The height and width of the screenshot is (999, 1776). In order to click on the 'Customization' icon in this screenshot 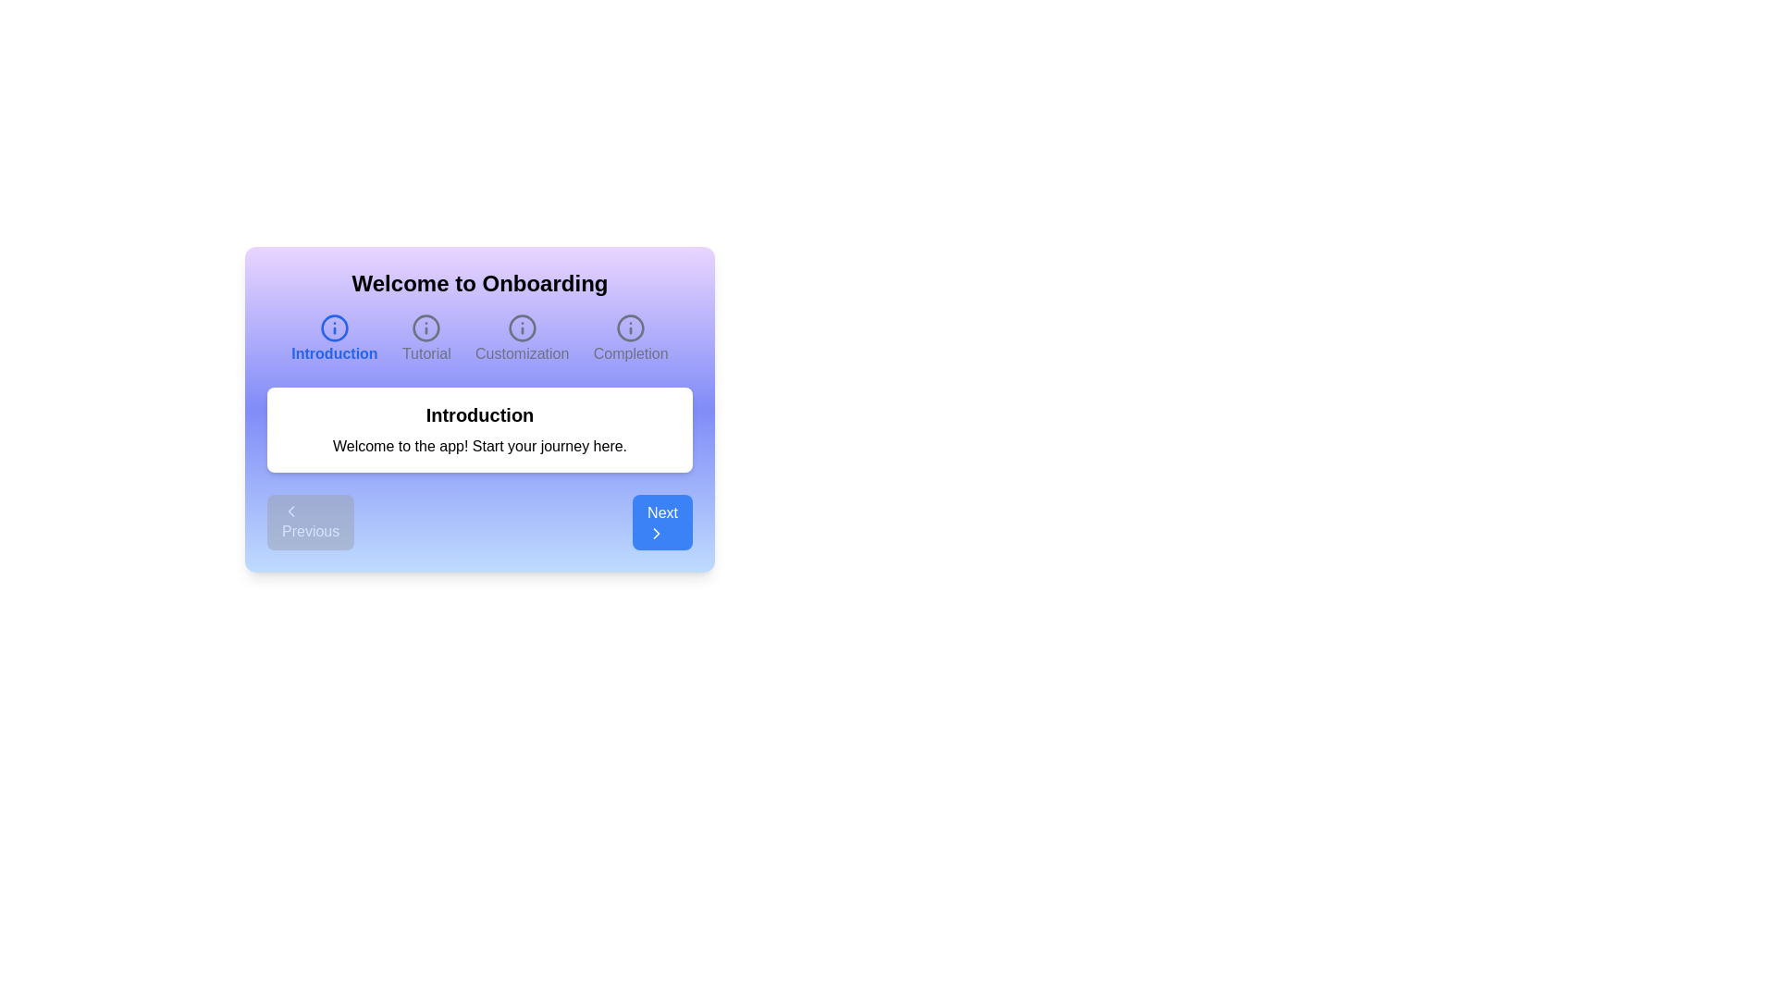, I will do `click(521, 327)`.